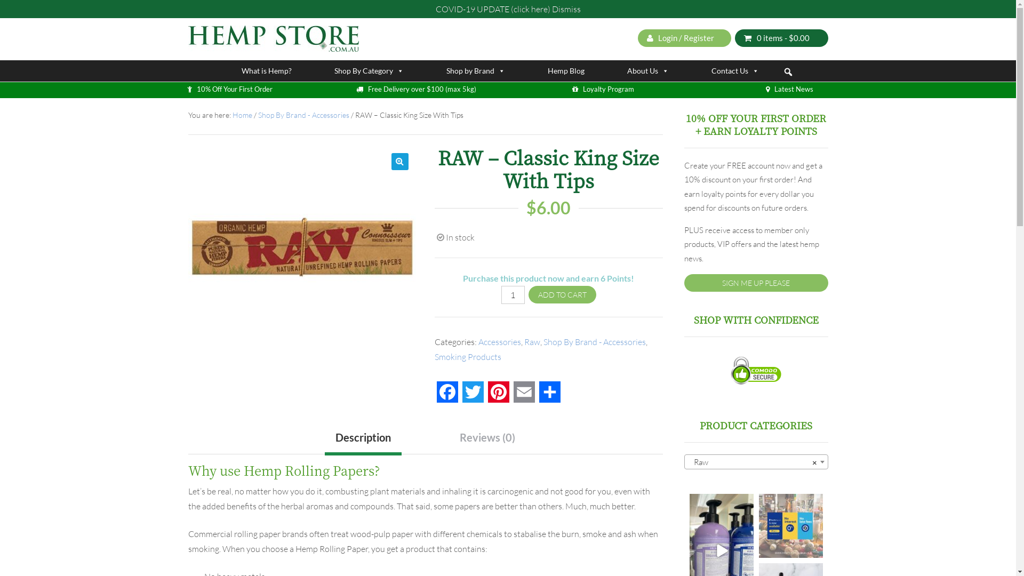 This screenshot has height=576, width=1024. I want to click on 'Home', so click(242, 115).